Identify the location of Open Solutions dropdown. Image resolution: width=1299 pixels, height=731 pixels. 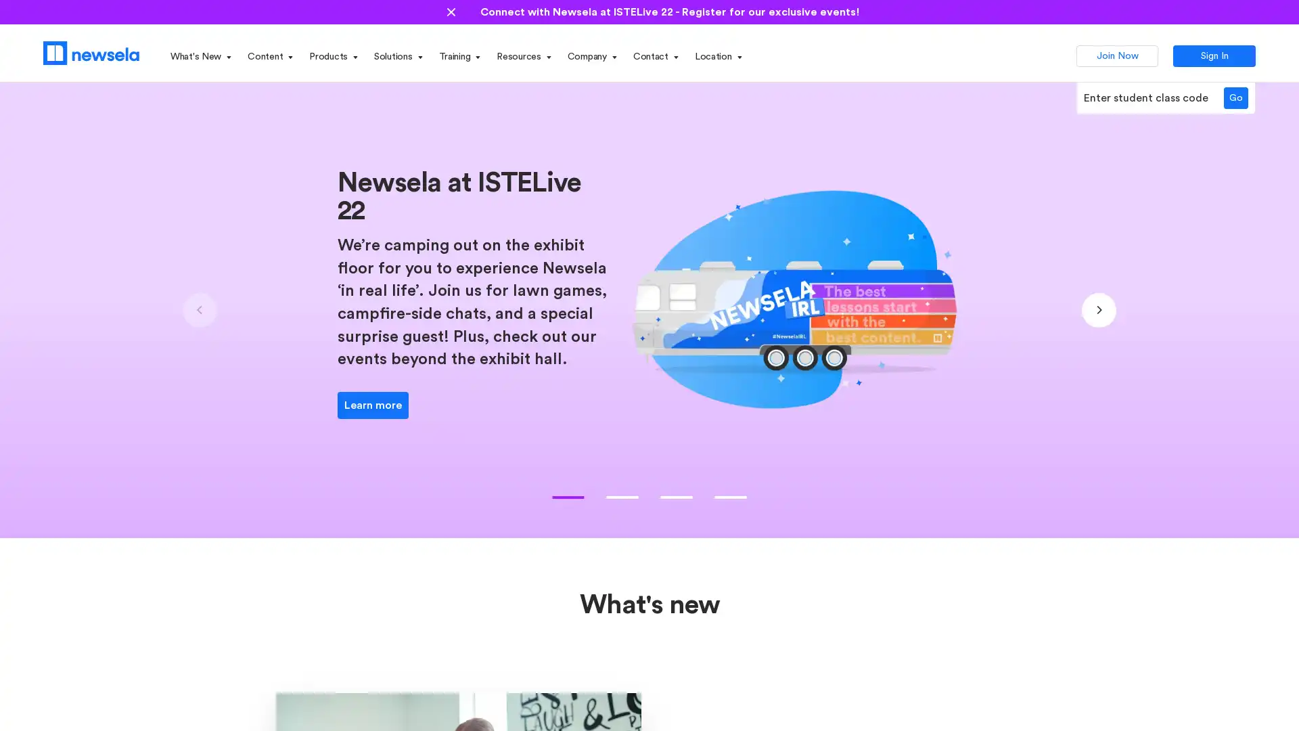
(420, 56).